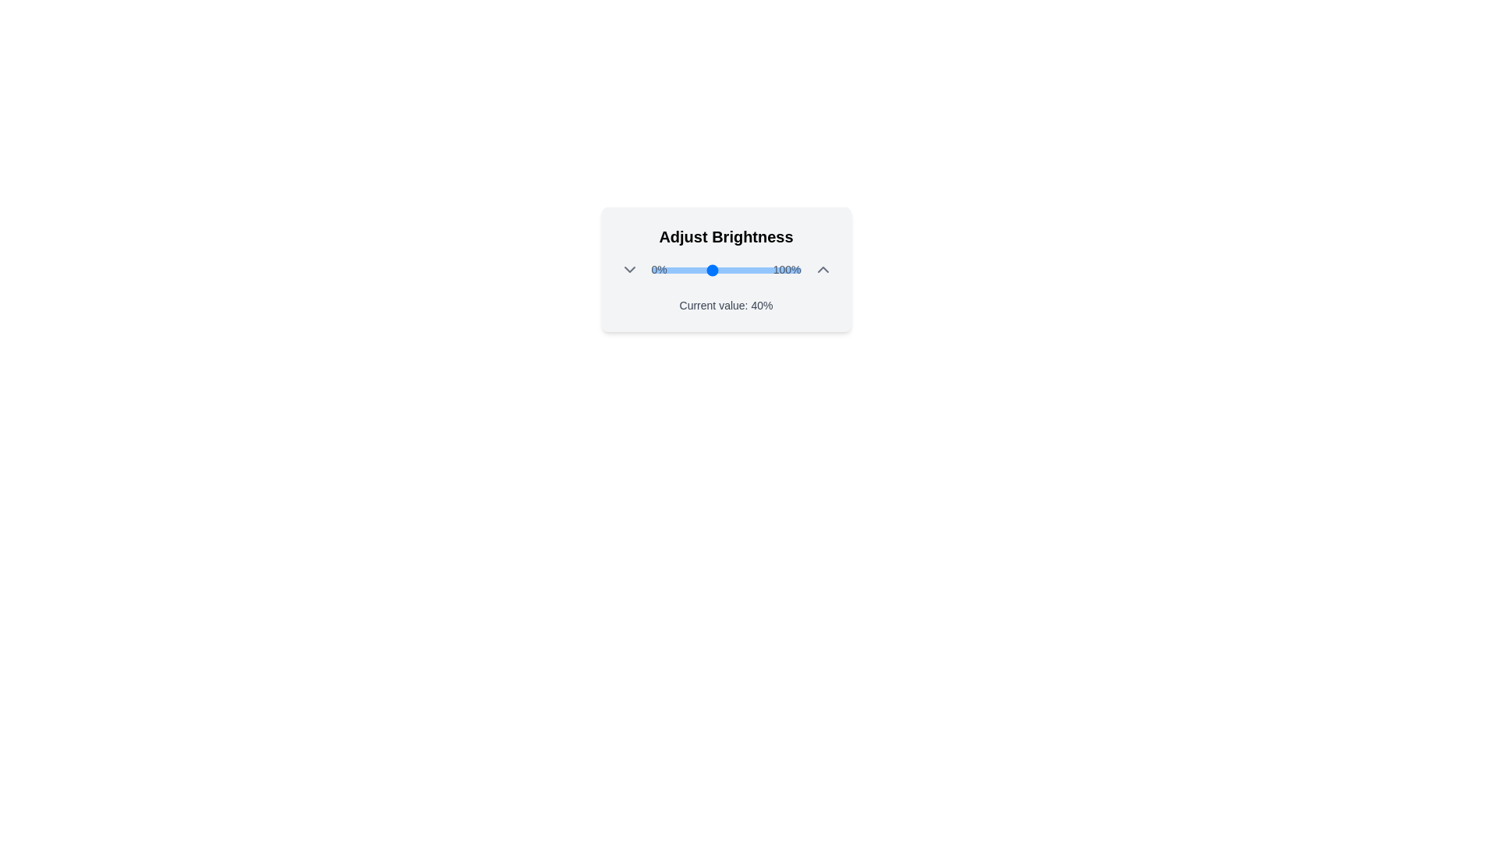  What do you see at coordinates (659, 269) in the screenshot?
I see `the text label indicating the minimum value ('0%') of the slider, located at the leftmost side of the slider component` at bounding box center [659, 269].